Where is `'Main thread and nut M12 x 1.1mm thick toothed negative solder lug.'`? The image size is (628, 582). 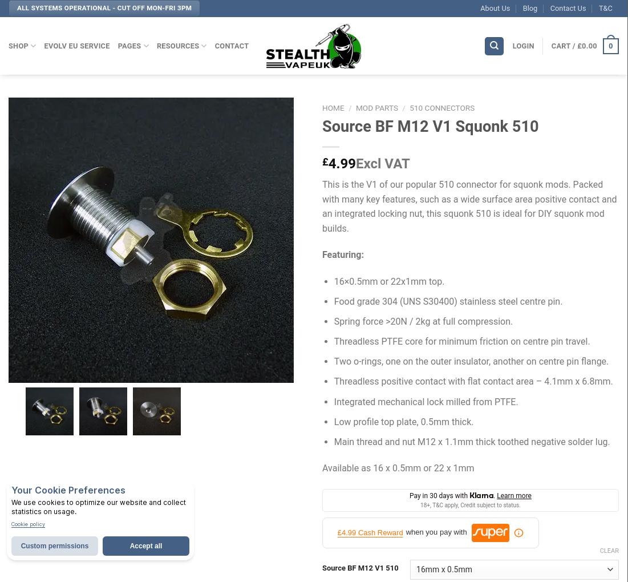 'Main thread and nut M12 x 1.1mm thick toothed negative solder lug.' is located at coordinates (471, 441).